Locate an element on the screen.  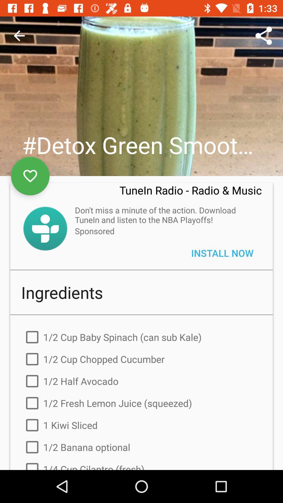
the don t miss icon is located at coordinates (165, 215).